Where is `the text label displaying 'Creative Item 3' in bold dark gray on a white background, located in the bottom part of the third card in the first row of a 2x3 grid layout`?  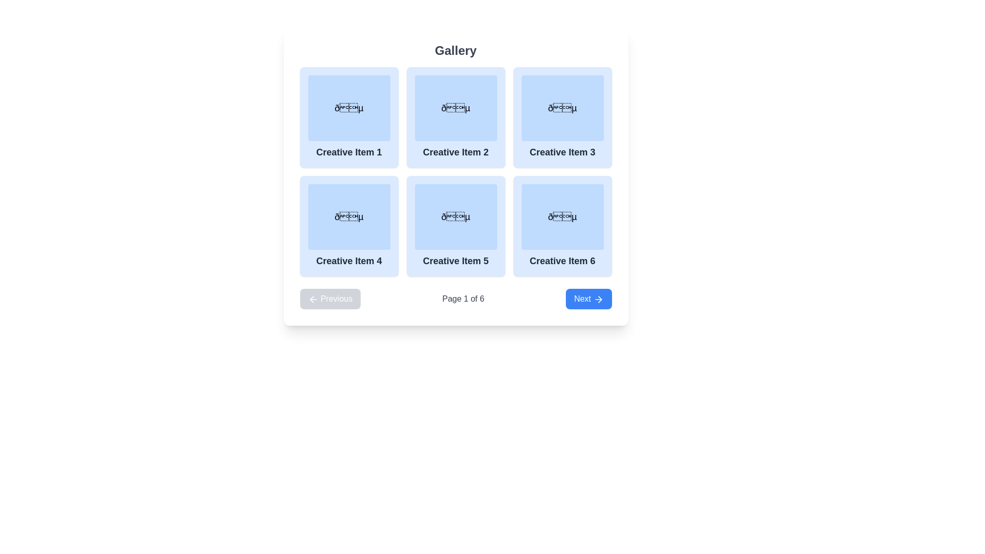
the text label displaying 'Creative Item 3' in bold dark gray on a white background, located in the bottom part of the third card in the first row of a 2x3 grid layout is located at coordinates (562, 152).